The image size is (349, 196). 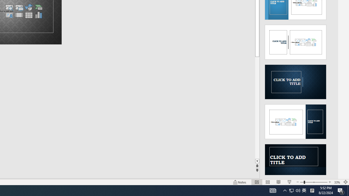 What do you see at coordinates (9, 15) in the screenshot?
I see `'Insert Cameo'` at bounding box center [9, 15].